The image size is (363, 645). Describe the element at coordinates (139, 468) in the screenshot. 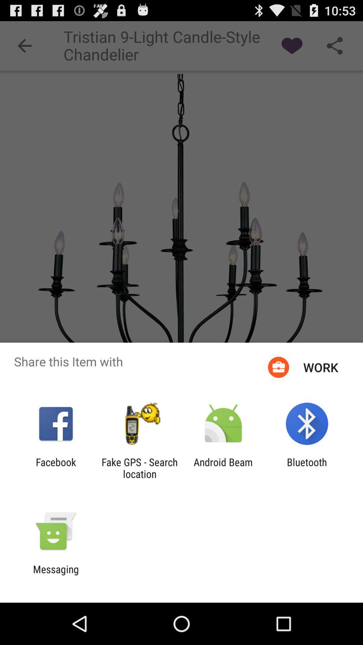

I see `fake gps search app` at that location.